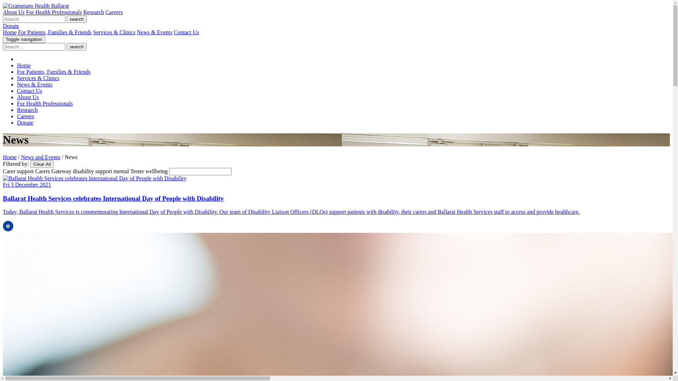 The height and width of the screenshot is (381, 678). What do you see at coordinates (154, 32) in the screenshot?
I see `'News & Events'` at bounding box center [154, 32].